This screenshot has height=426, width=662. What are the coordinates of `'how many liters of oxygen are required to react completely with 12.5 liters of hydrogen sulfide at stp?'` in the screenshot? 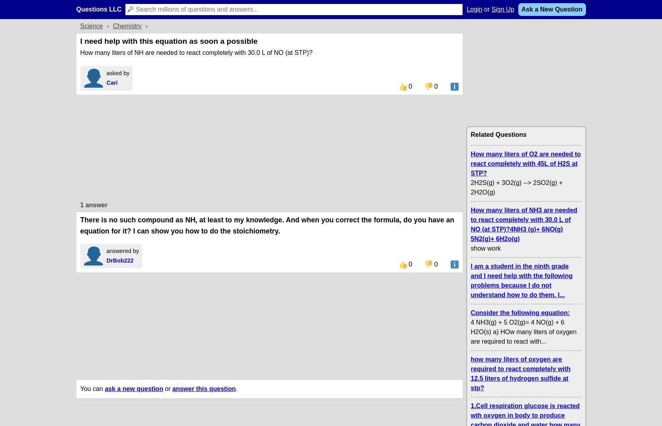 It's located at (520, 373).